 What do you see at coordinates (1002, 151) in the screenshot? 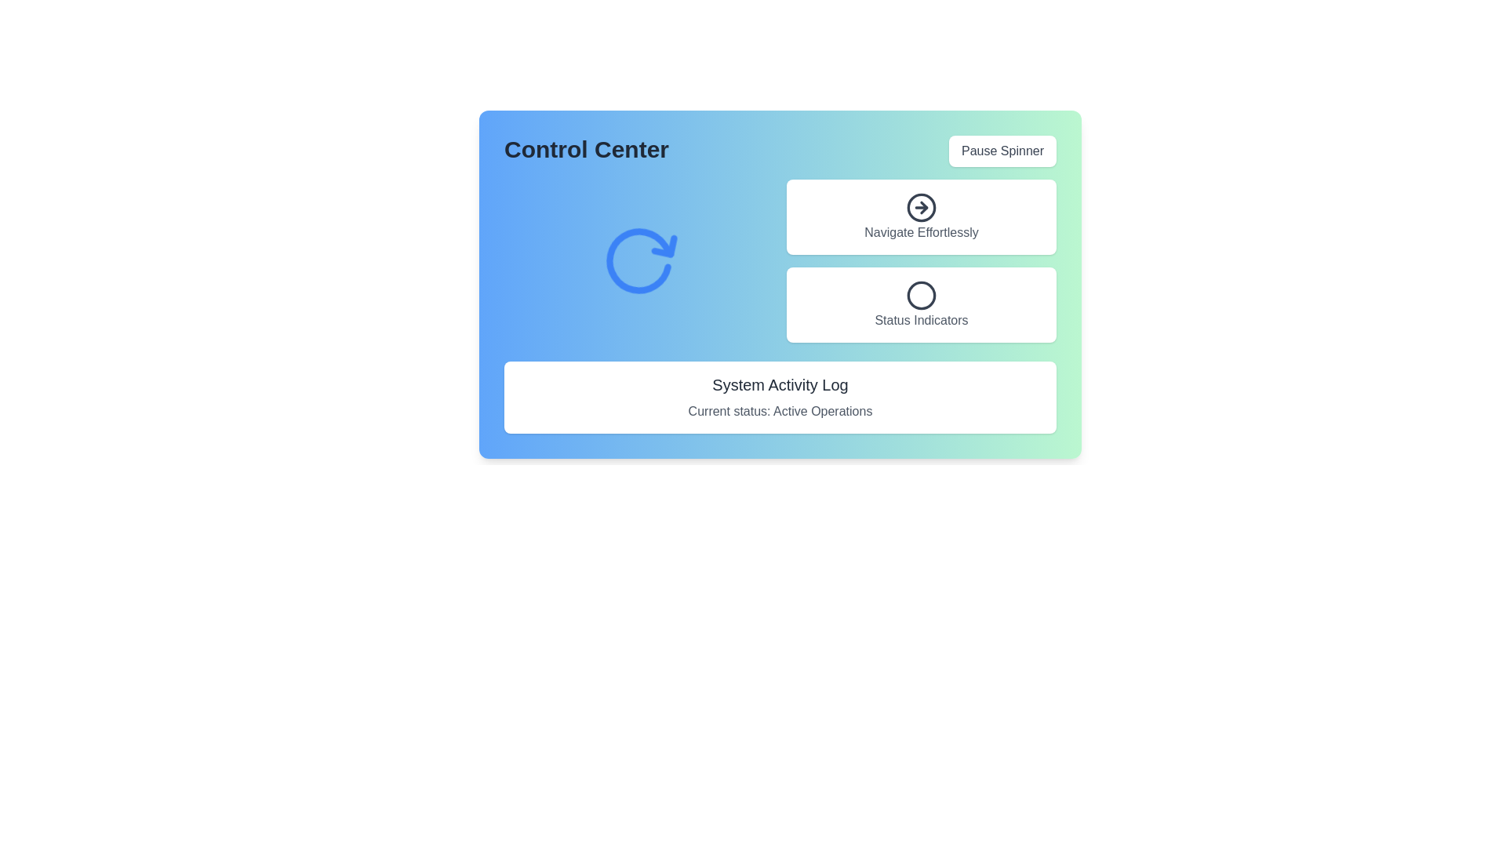
I see `the 'Pause Spinner' button located in the top-right section of the 'Control Center'` at bounding box center [1002, 151].